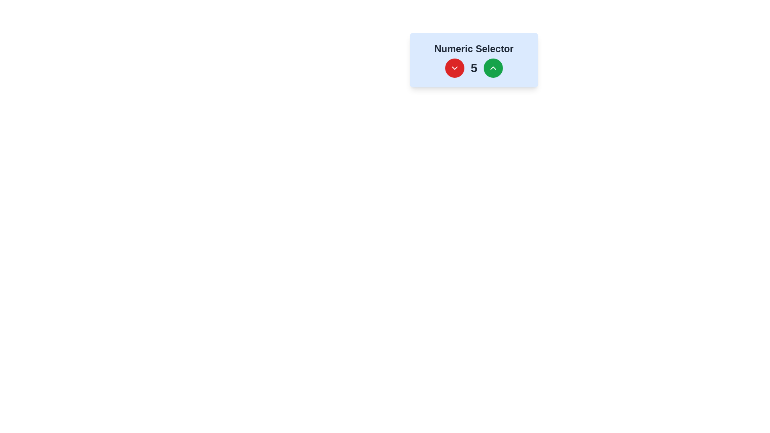 Image resolution: width=770 pixels, height=433 pixels. Describe the element at coordinates (454, 67) in the screenshot. I see `the decrement button` at that location.